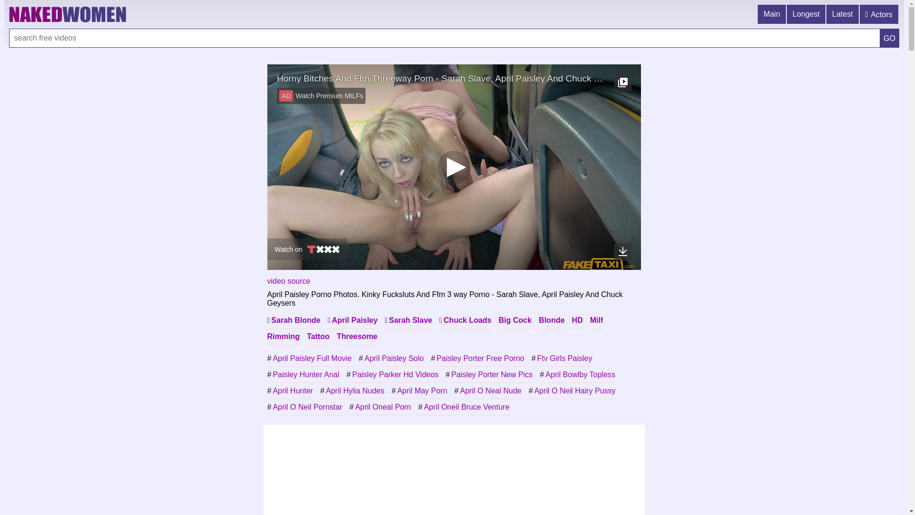  I want to click on 'Paisley Hunter Anal', so click(267, 374).